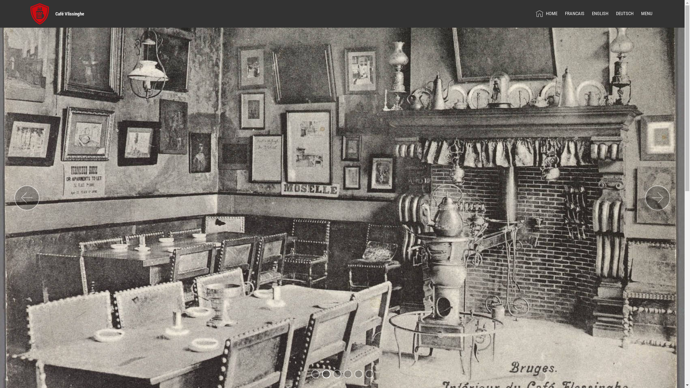 This screenshot has width=690, height=388. What do you see at coordinates (536, 14) in the screenshot?
I see `'HOME'` at bounding box center [536, 14].